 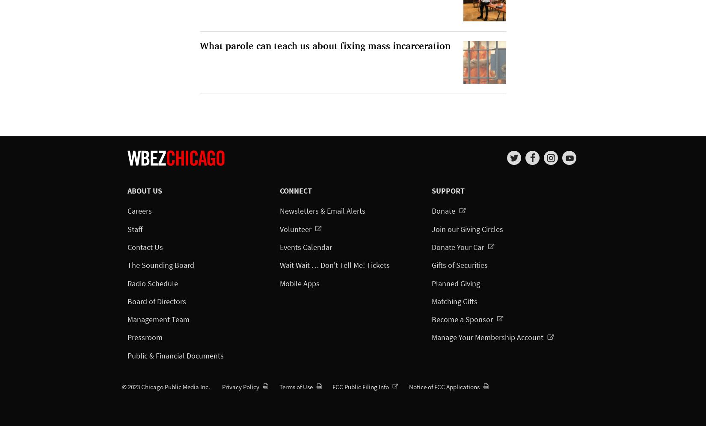 What do you see at coordinates (467, 228) in the screenshot?
I see `'Join our Giving Circles'` at bounding box center [467, 228].